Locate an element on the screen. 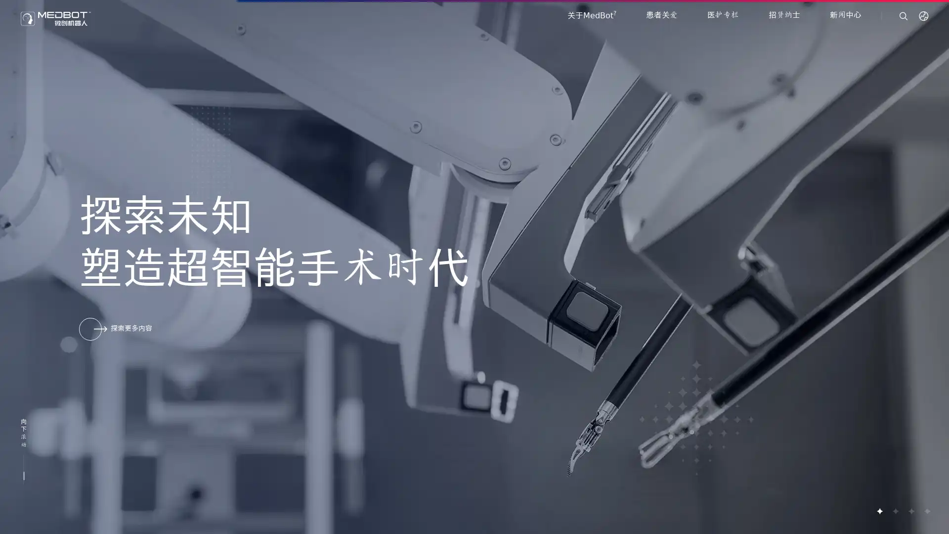 The image size is (949, 534). Go to slide 4 is located at coordinates (926, 511).